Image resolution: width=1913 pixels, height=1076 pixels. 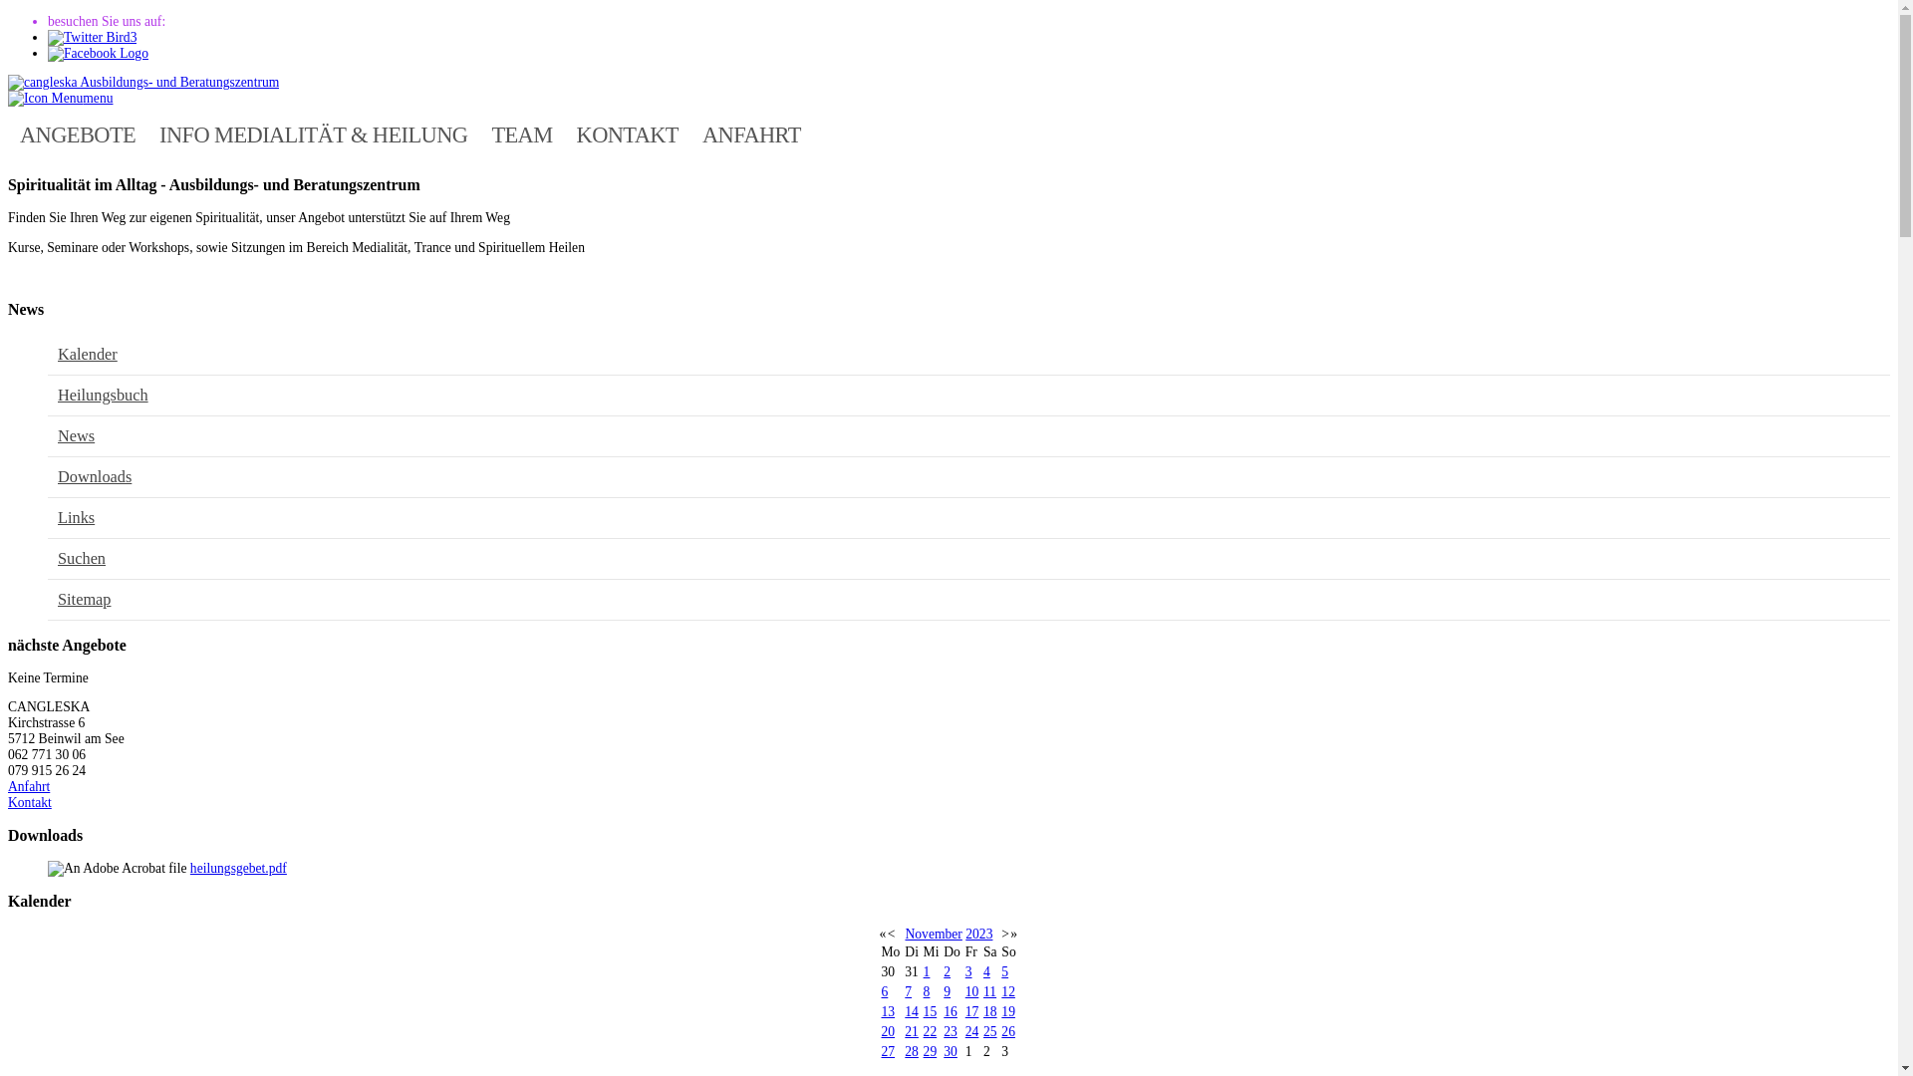 What do you see at coordinates (926, 970) in the screenshot?
I see `'1'` at bounding box center [926, 970].